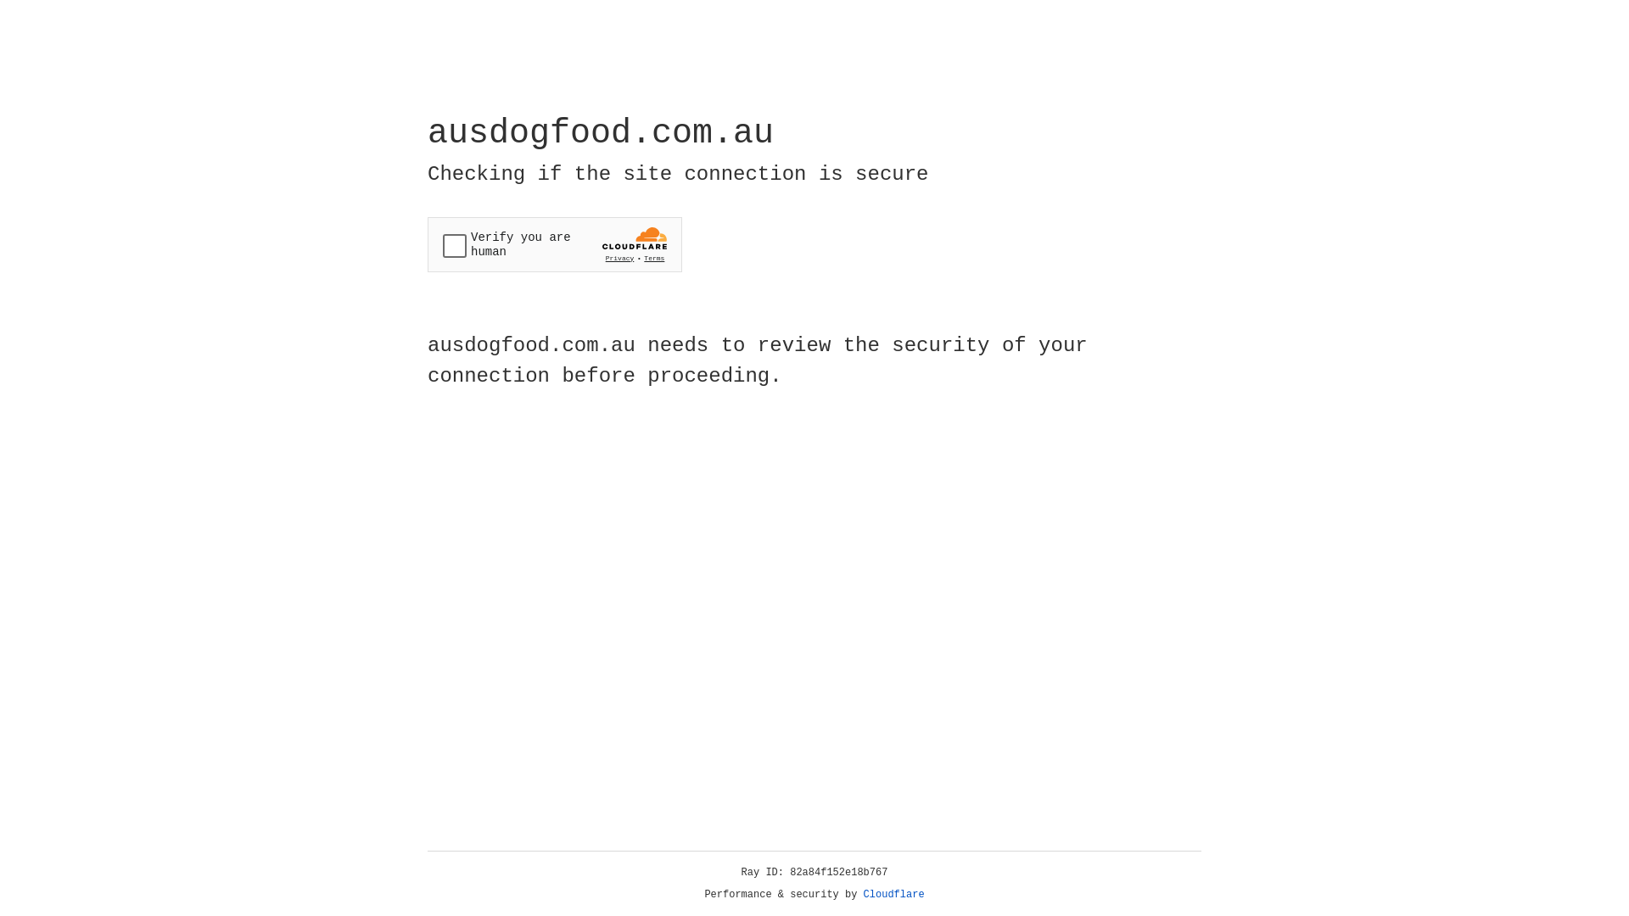  What do you see at coordinates (893, 894) in the screenshot?
I see `'Cloudflare'` at bounding box center [893, 894].